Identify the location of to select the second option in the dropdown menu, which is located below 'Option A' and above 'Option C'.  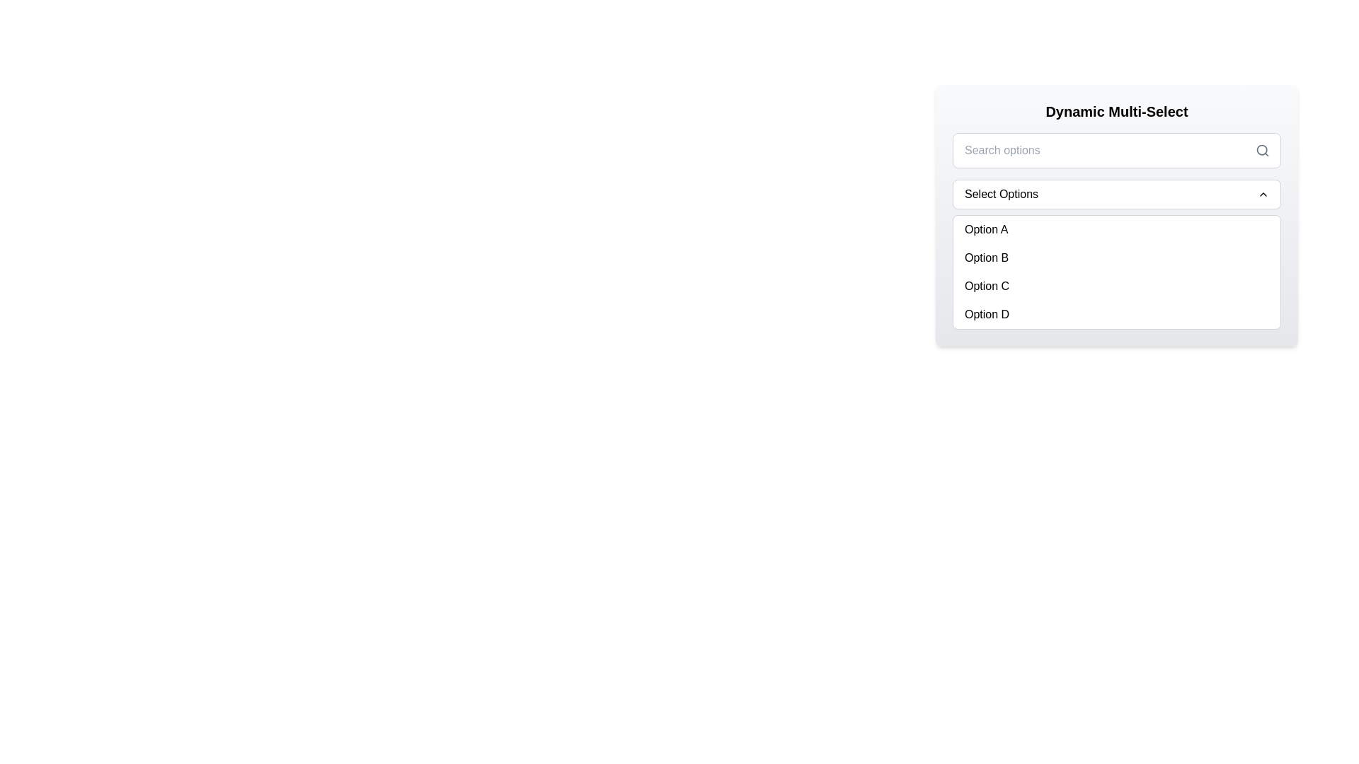
(1116, 258).